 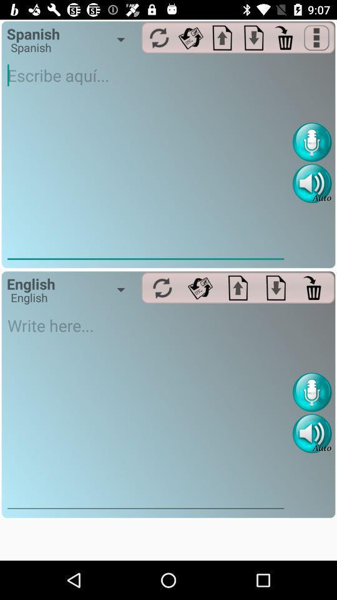 What do you see at coordinates (253, 37) in the screenshot?
I see `download` at bounding box center [253, 37].